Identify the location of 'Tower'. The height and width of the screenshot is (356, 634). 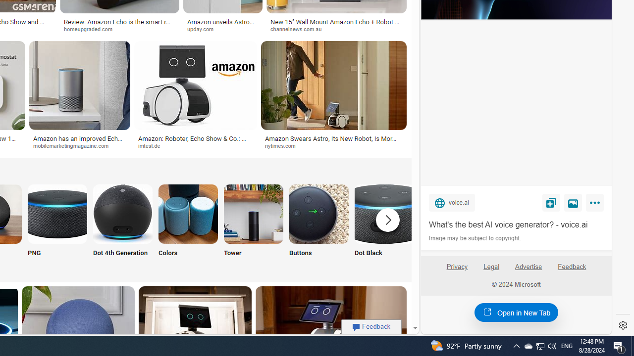
(254, 226).